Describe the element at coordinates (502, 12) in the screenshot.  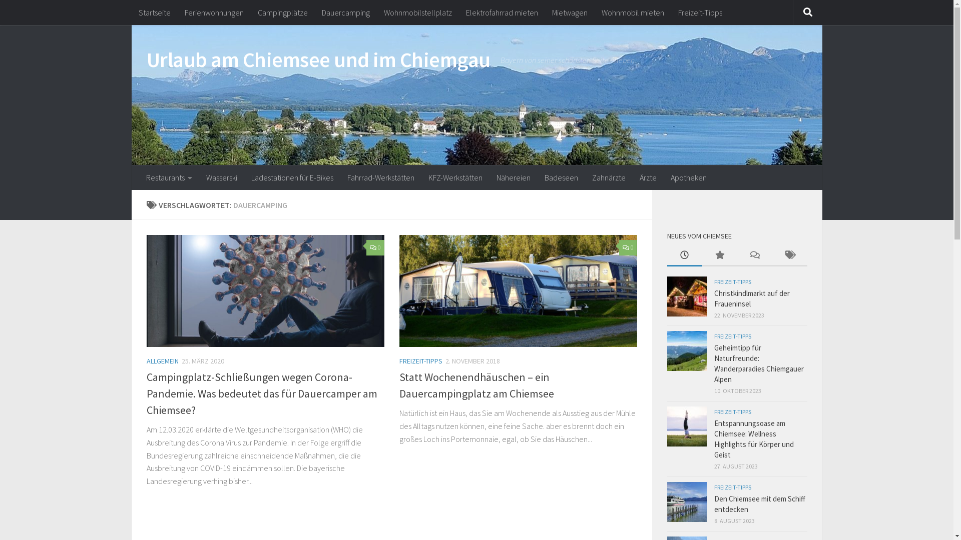
I see `'Elektrofahrrad mieten'` at that location.